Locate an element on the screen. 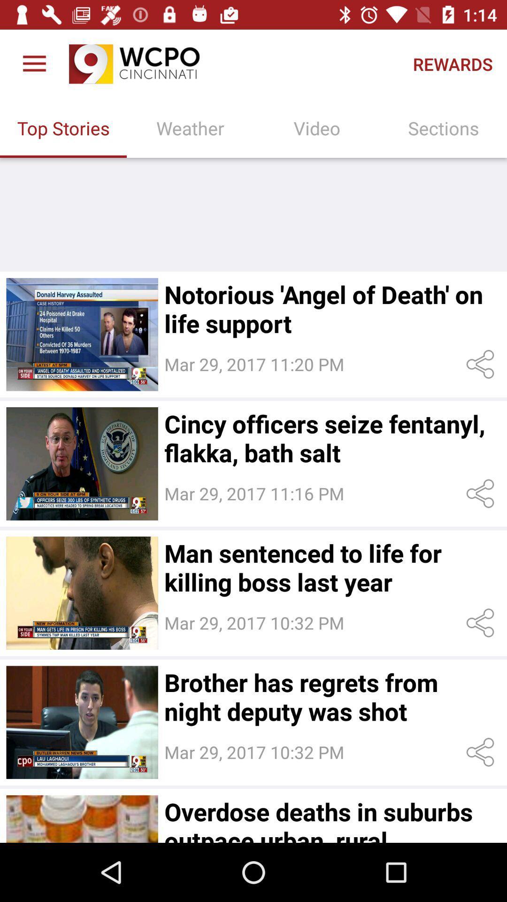 This screenshot has width=507, height=902. the article is located at coordinates (82, 818).